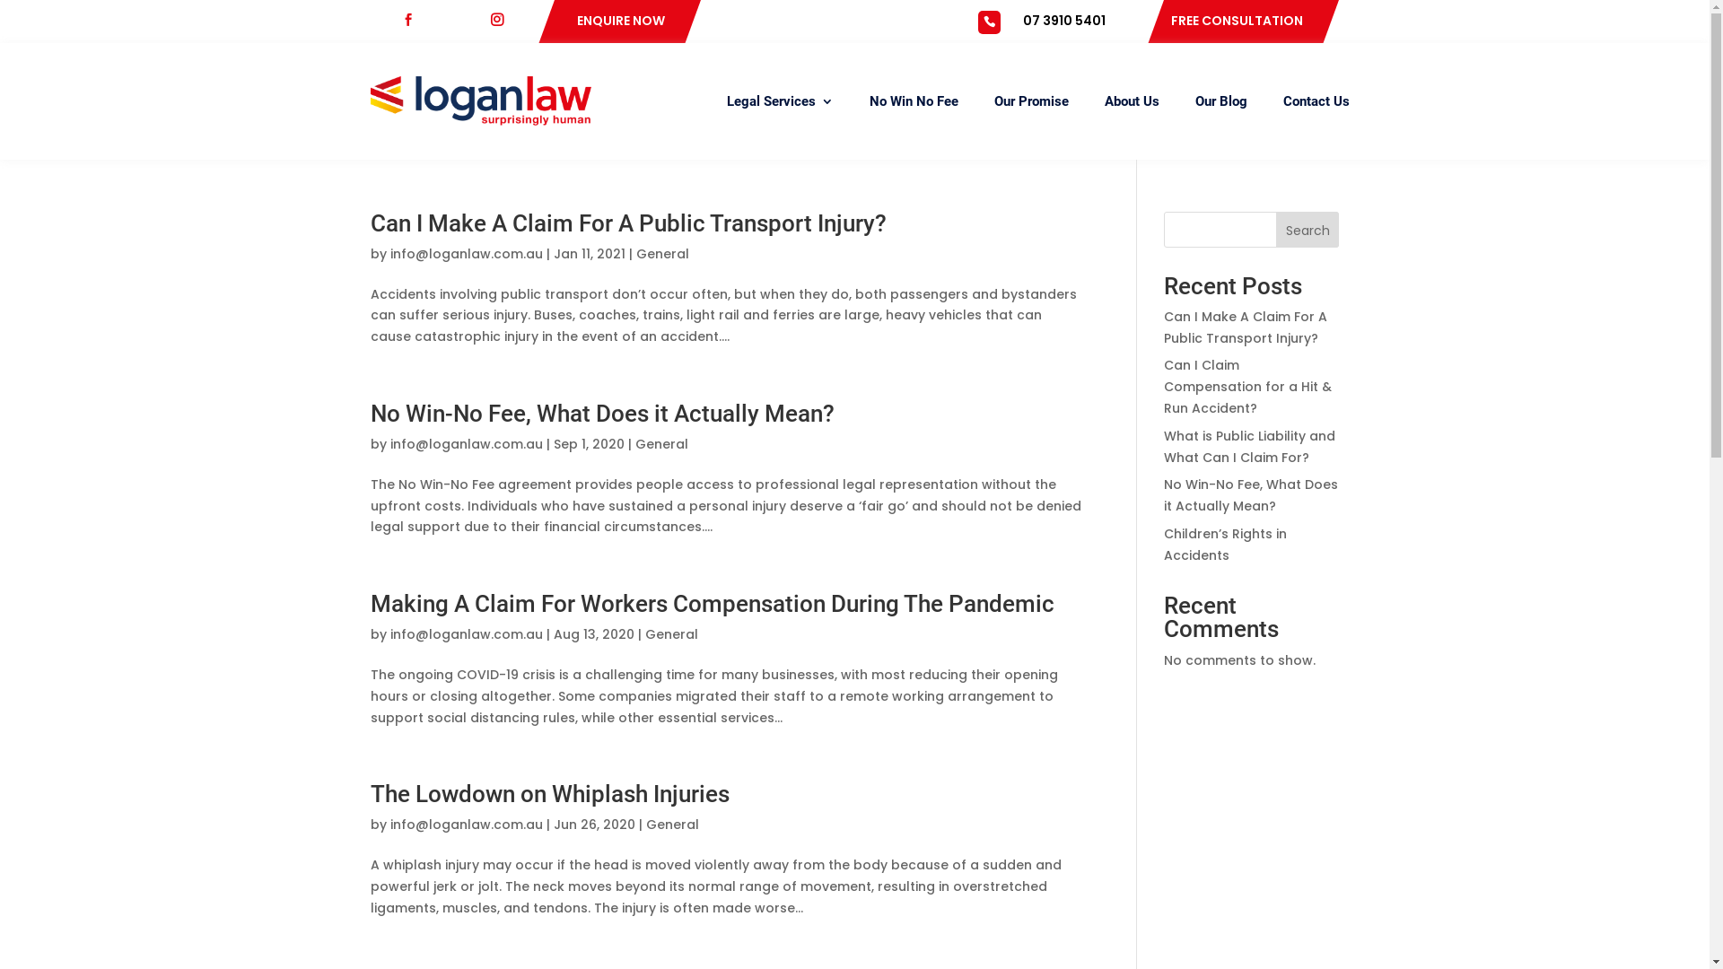 The width and height of the screenshot is (1723, 969). What do you see at coordinates (1031, 100) in the screenshot?
I see `'Our Promise'` at bounding box center [1031, 100].